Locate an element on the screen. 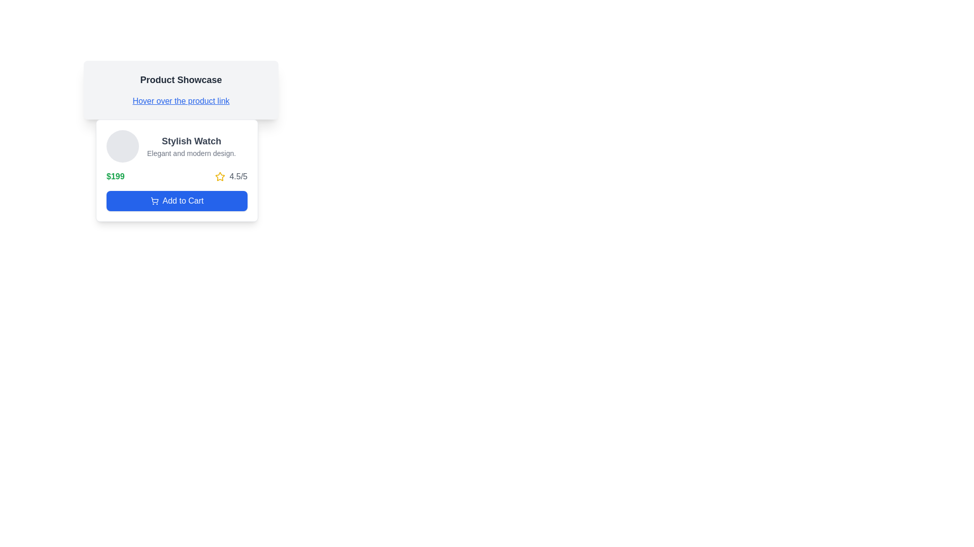 The width and height of the screenshot is (974, 547). product's title and description from the text block which is centered vertically in the product information card, slightly offset to the right of the circular image placeholder is located at coordinates (191, 146).